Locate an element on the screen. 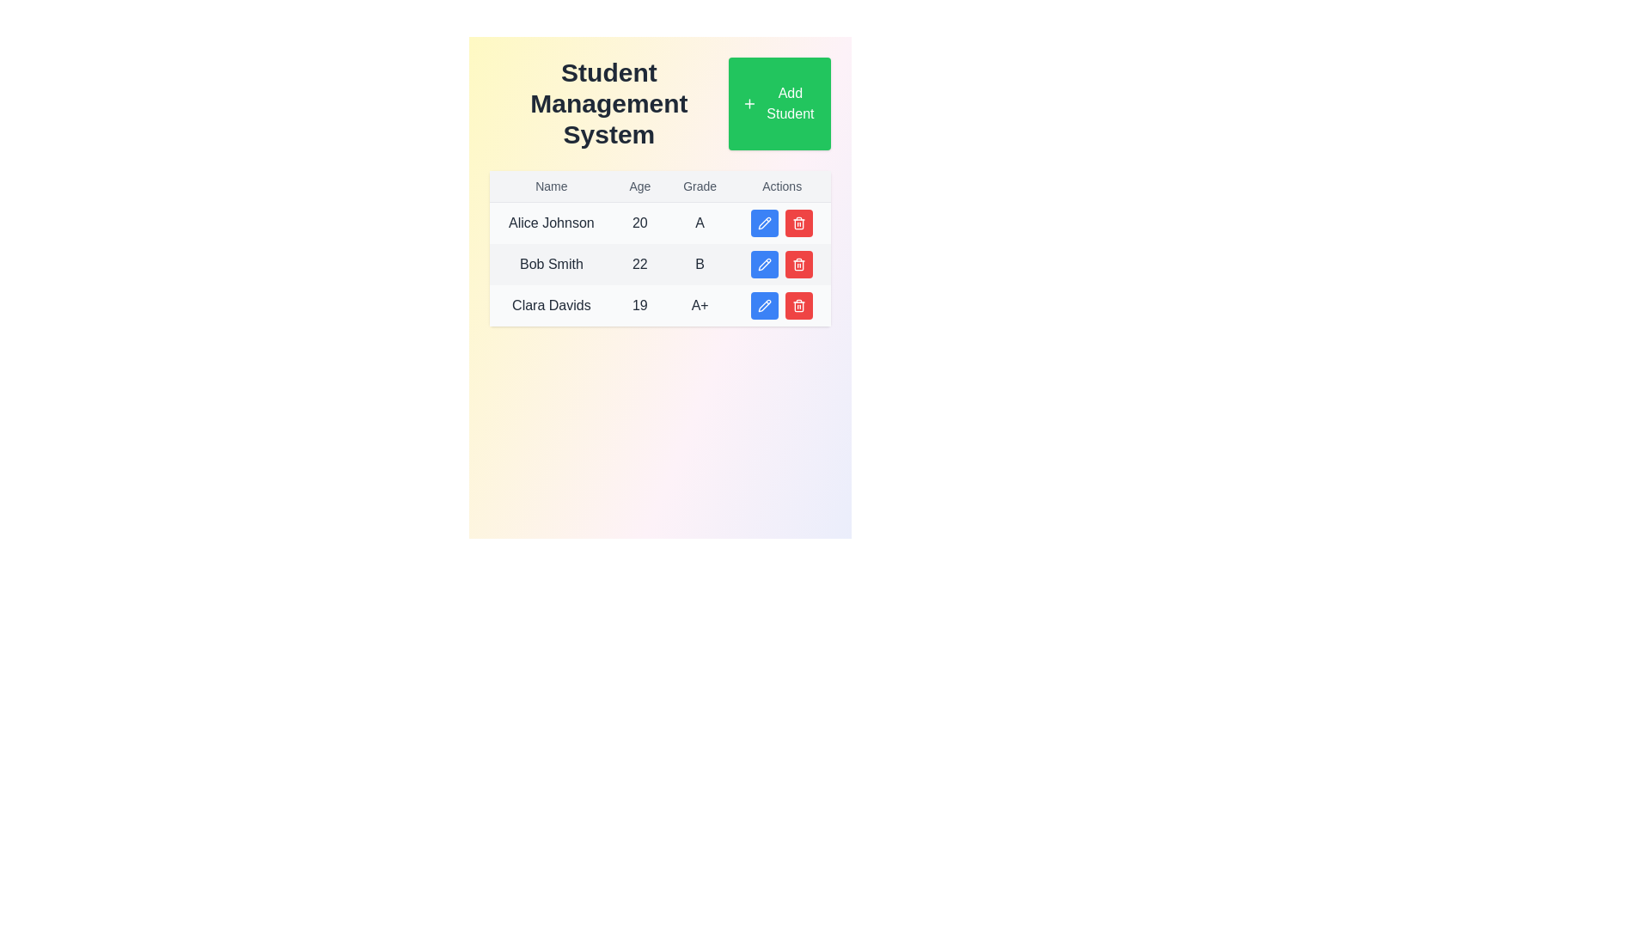  the text label 'Age', which is the second column header of the table, displayed in gray color, and positioned between the headers 'Name' and 'Grade' is located at coordinates (639, 186).